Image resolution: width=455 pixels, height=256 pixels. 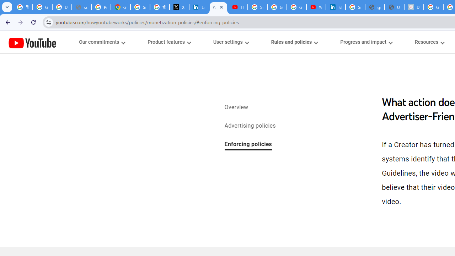 I want to click on 'google_privacy_policy_en.pdf', so click(x=374, y=7).